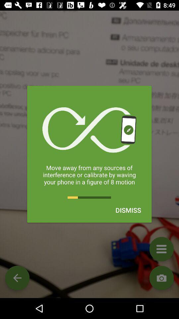 The image size is (179, 319). What do you see at coordinates (128, 210) in the screenshot?
I see `the icon on the right` at bounding box center [128, 210].